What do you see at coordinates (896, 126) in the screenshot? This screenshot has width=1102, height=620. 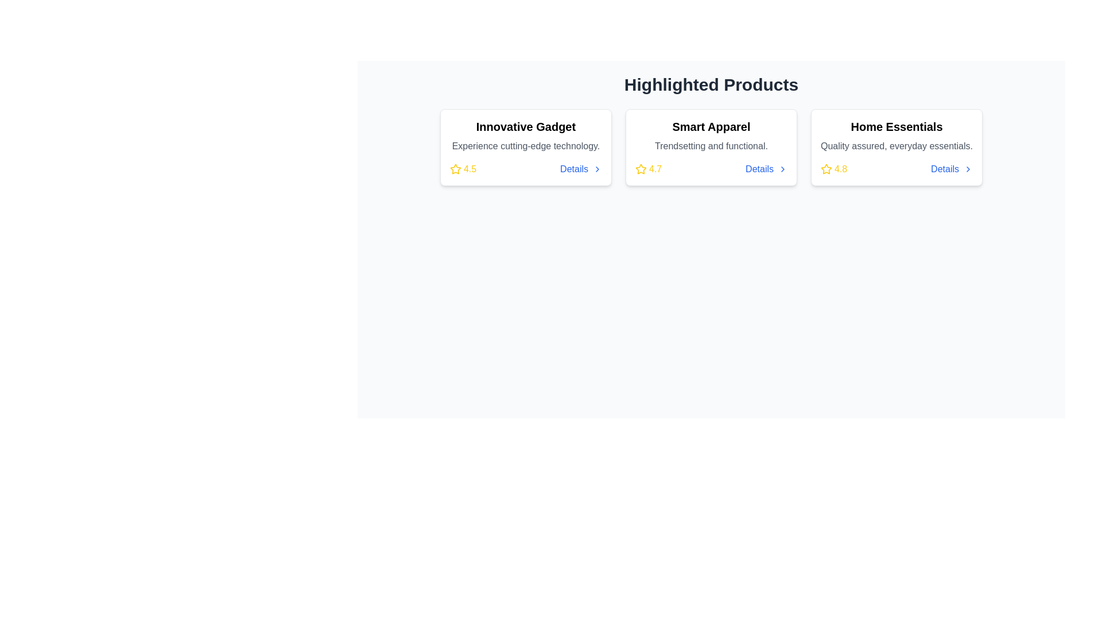 I see `text label that displays 'Home Essentials' in bold at the top of the third card in a horizontally aligned group of product cards` at bounding box center [896, 126].